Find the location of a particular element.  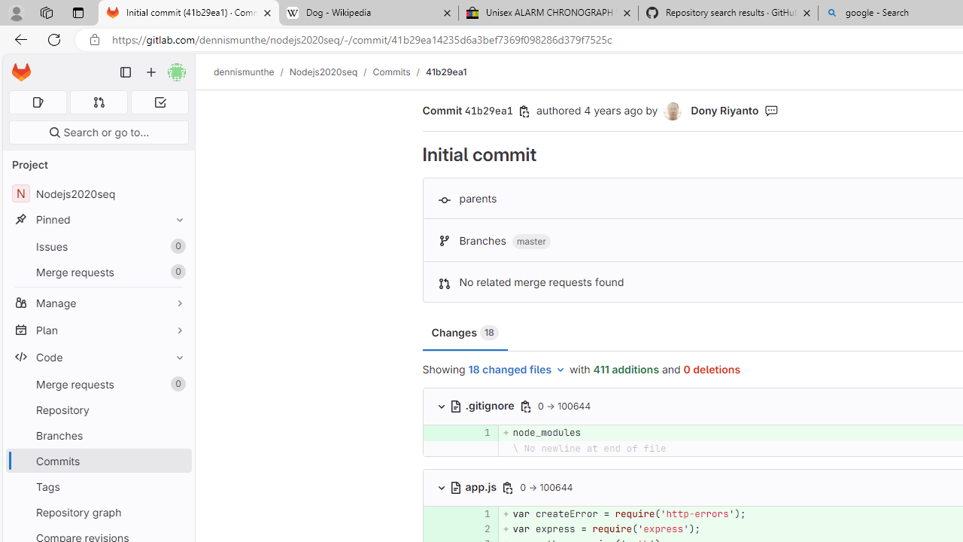

'Repository' is located at coordinates (98, 410).